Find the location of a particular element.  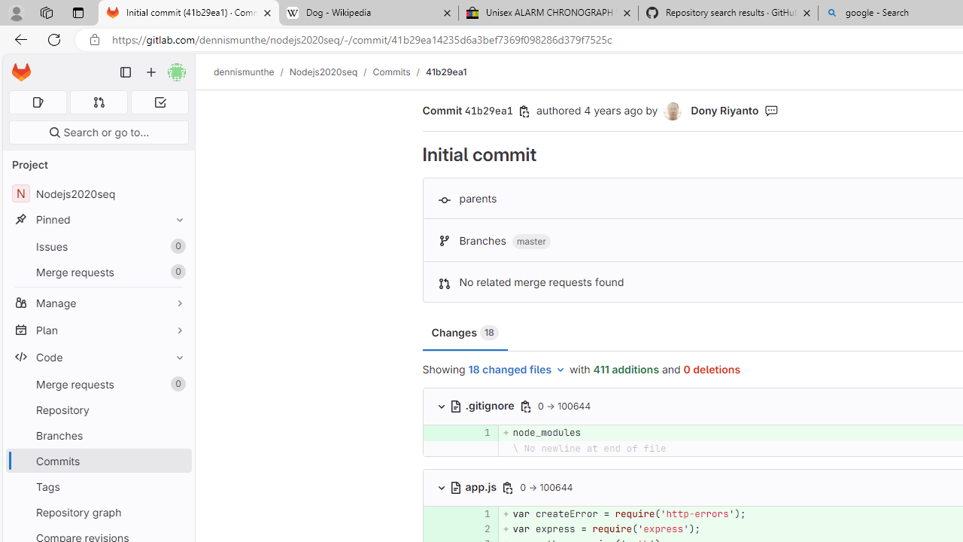

'Repository' is located at coordinates (98, 410).